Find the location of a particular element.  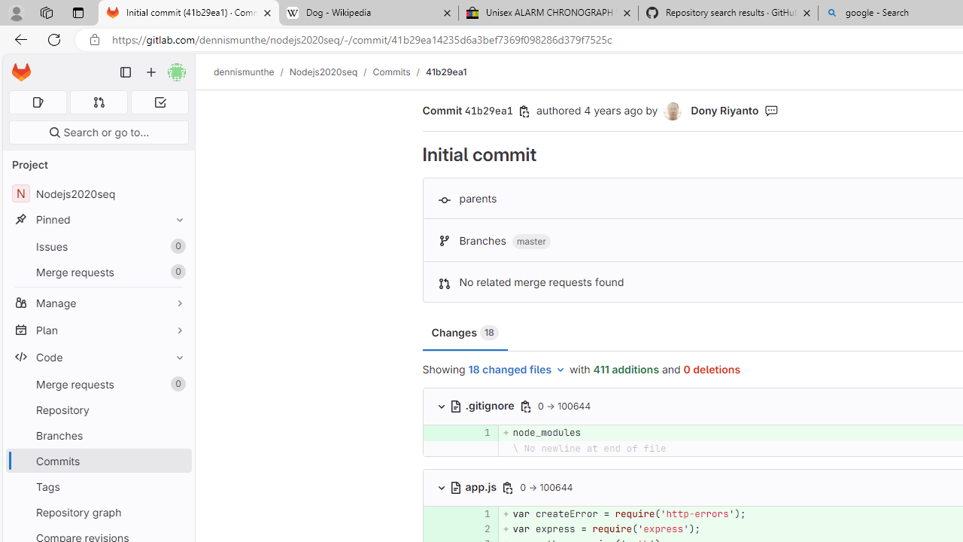

'Repository' is located at coordinates (98, 410).